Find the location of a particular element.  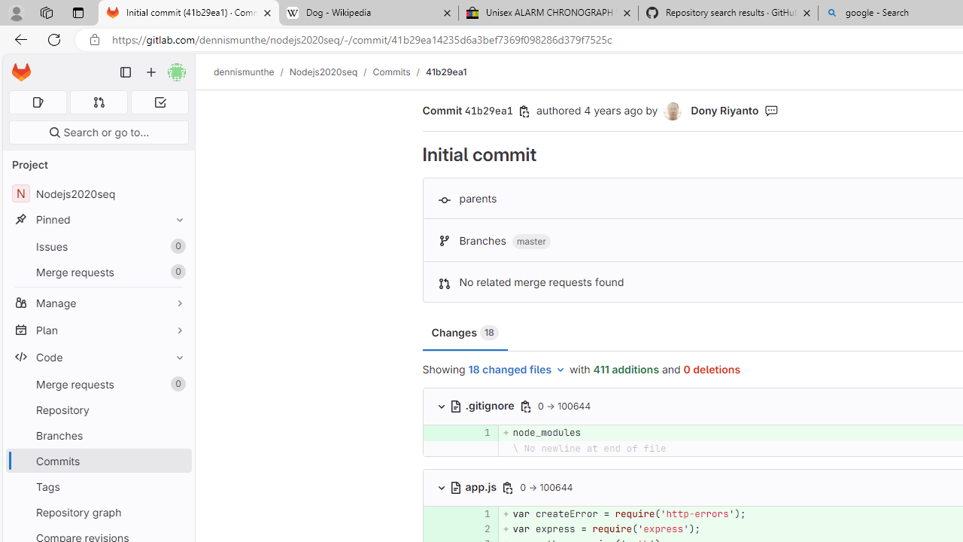

'Repository' is located at coordinates (98, 410).